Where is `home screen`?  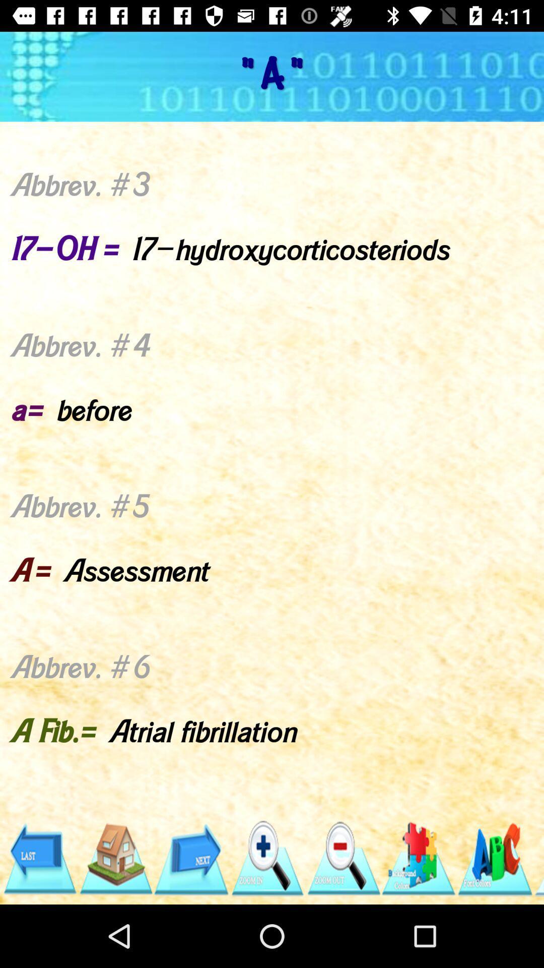 home screen is located at coordinates (115, 858).